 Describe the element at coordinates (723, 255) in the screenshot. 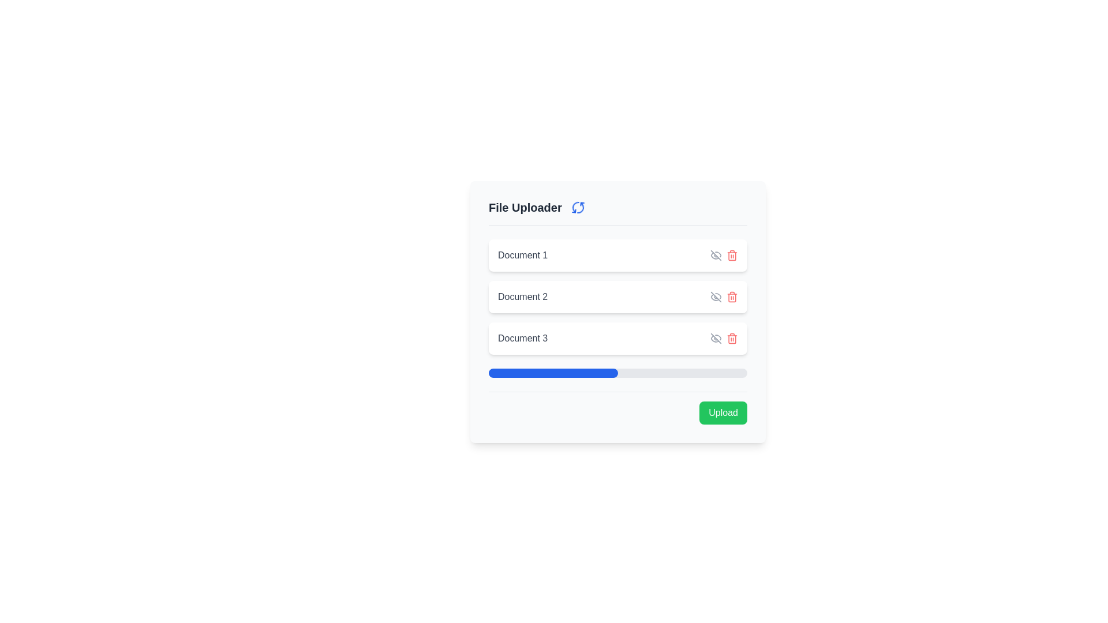

I see `the group of action icons located in the rightmost part of the horizontal line containing 'Document 1'` at that location.